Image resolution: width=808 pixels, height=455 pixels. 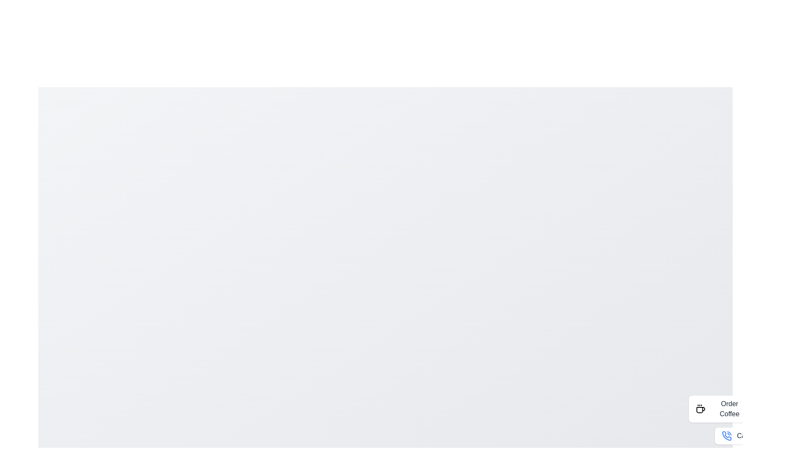 I want to click on the button labeled 'Order Coffee' to observe its visual effect, so click(x=721, y=409).